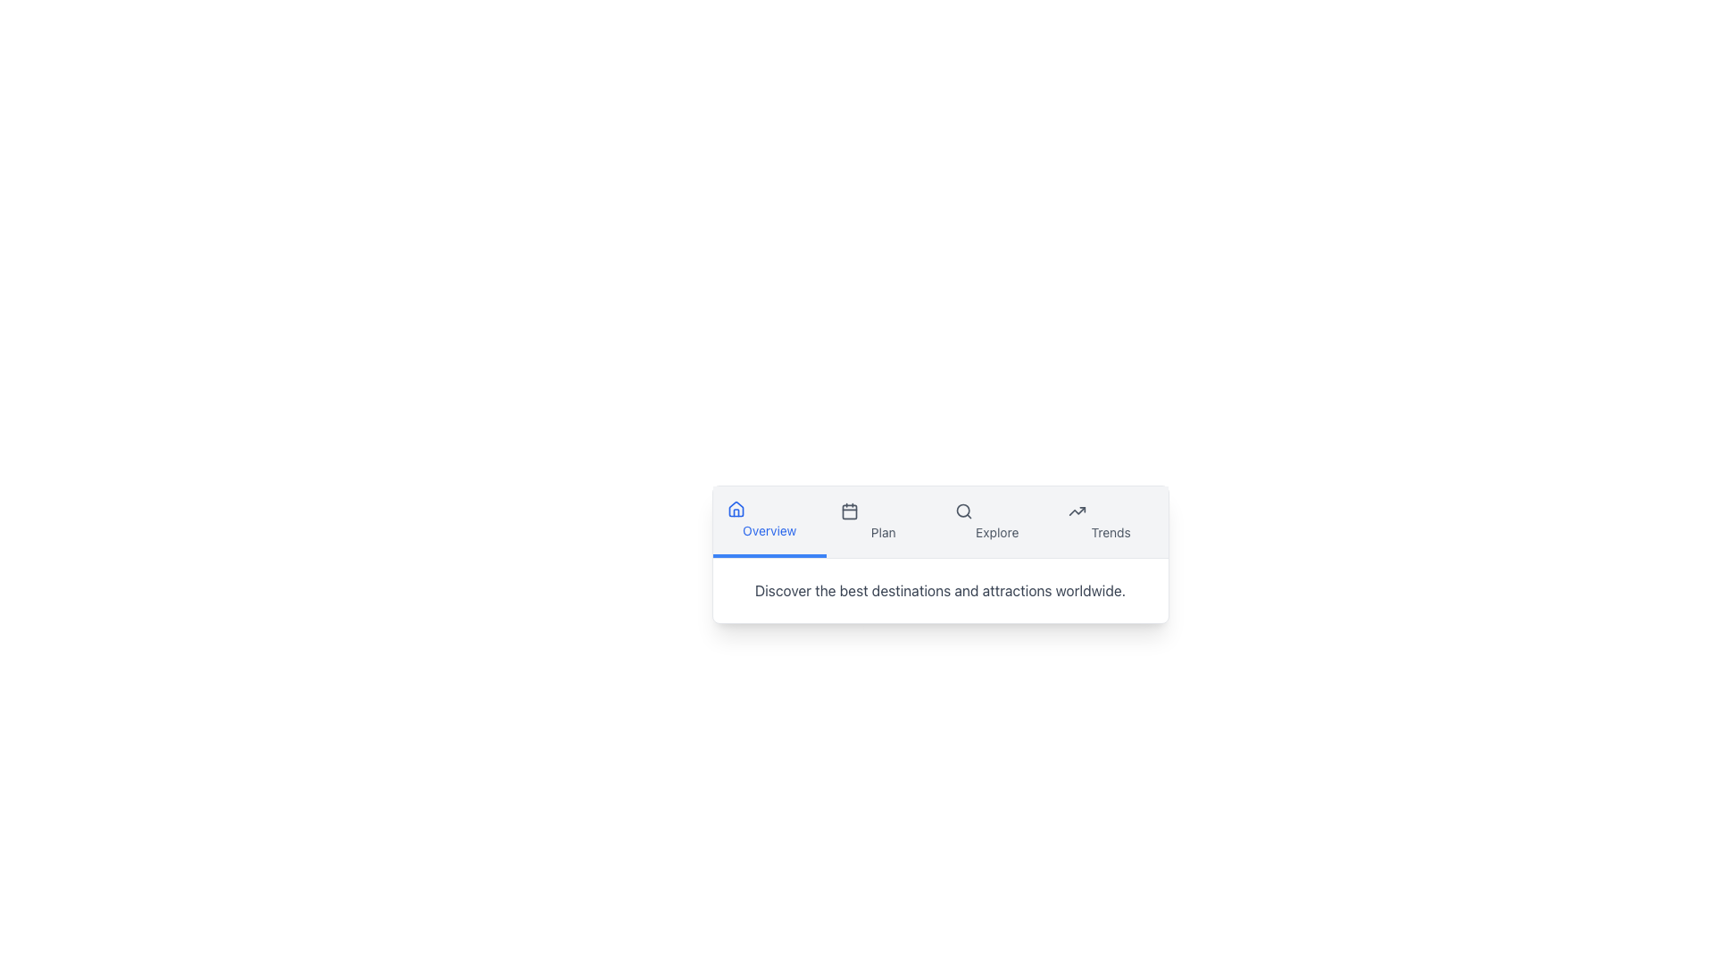 This screenshot has width=1714, height=964. Describe the element at coordinates (962, 511) in the screenshot. I see `the search icon located in the 'Explore' section of the navigation bar, which represents the search functionality` at that location.